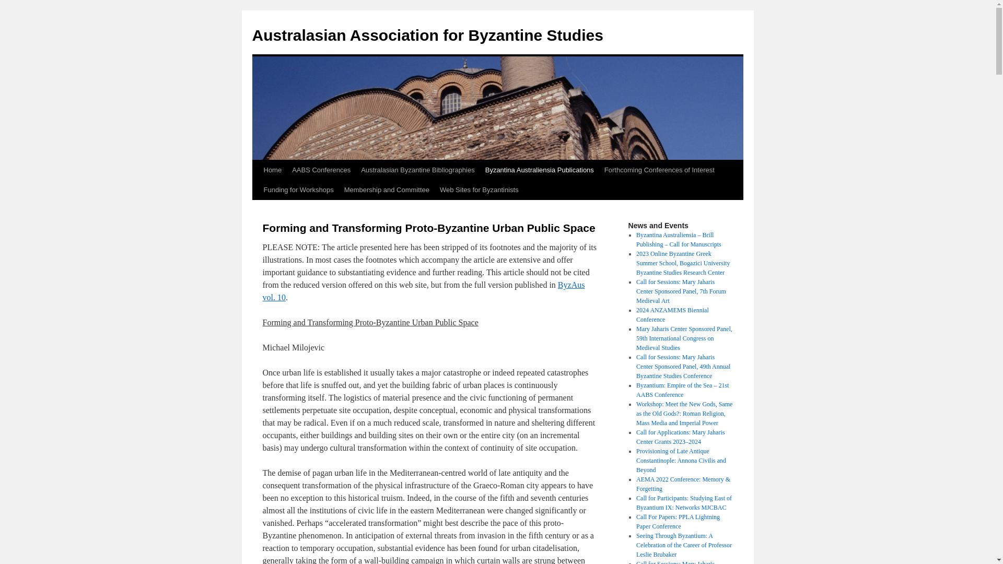  I want to click on 'Call For Papers: PPLA Lightning Paper Conference', so click(678, 522).